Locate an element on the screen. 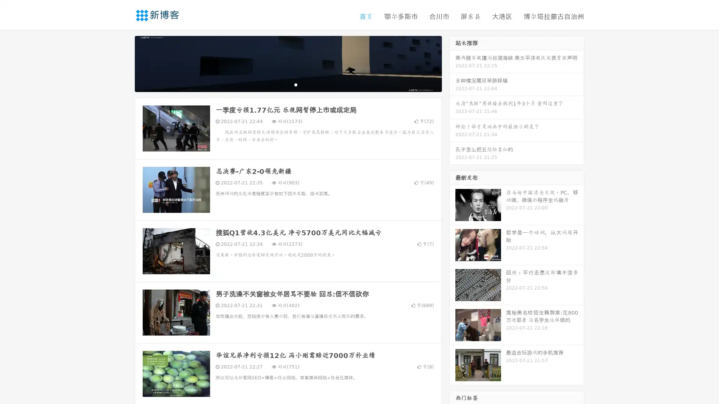 Image resolution: width=719 pixels, height=404 pixels. Next slide is located at coordinates (452, 63).